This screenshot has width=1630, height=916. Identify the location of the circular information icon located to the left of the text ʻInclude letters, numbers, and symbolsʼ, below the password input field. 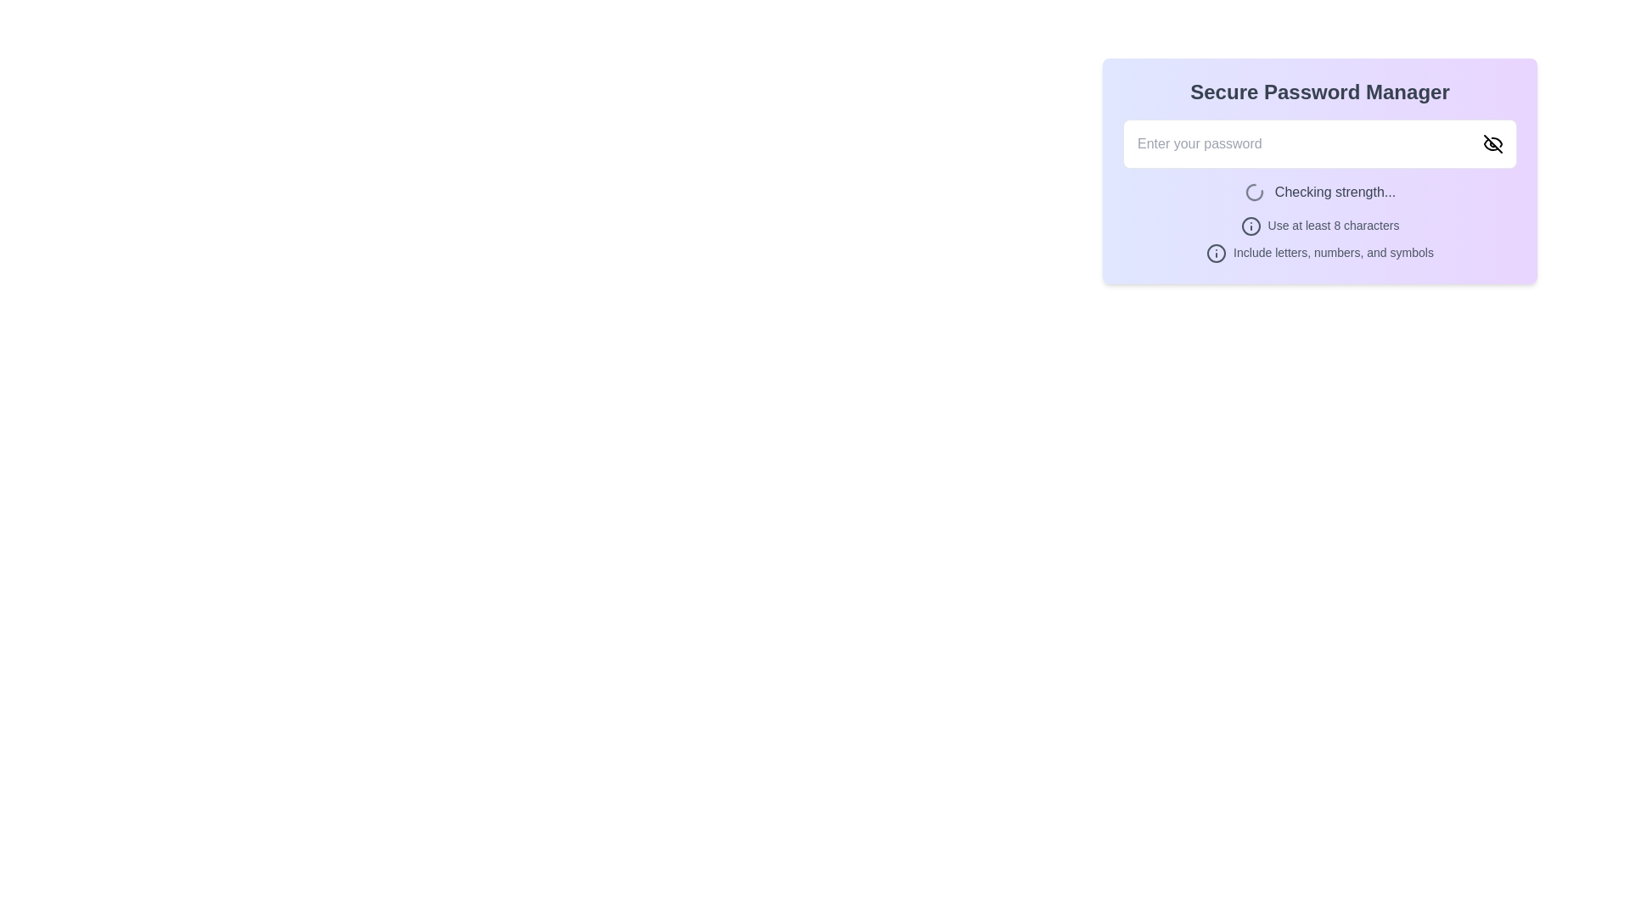
(1216, 254).